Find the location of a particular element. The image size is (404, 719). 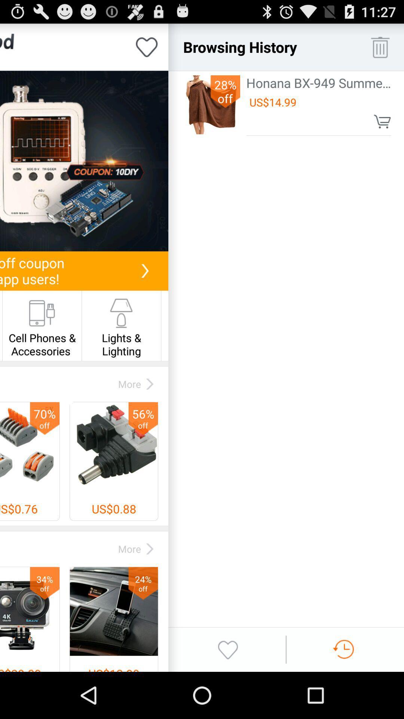

right corner image along with text  24 off at the bottom is located at coordinates (114, 611).